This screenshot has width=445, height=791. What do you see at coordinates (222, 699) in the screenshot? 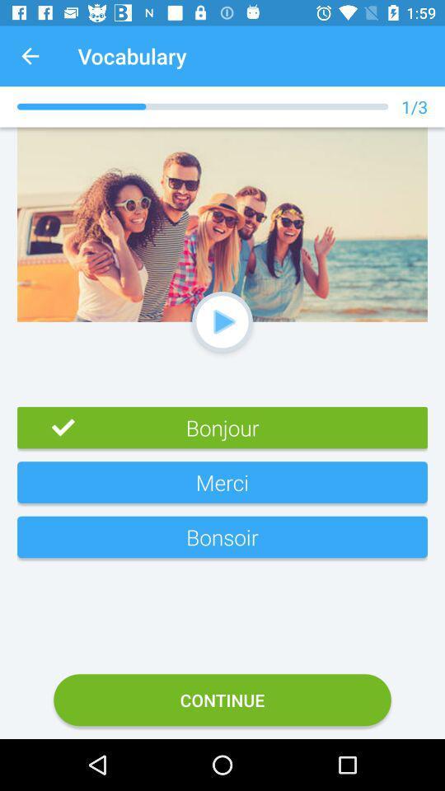
I see `continue item` at bounding box center [222, 699].